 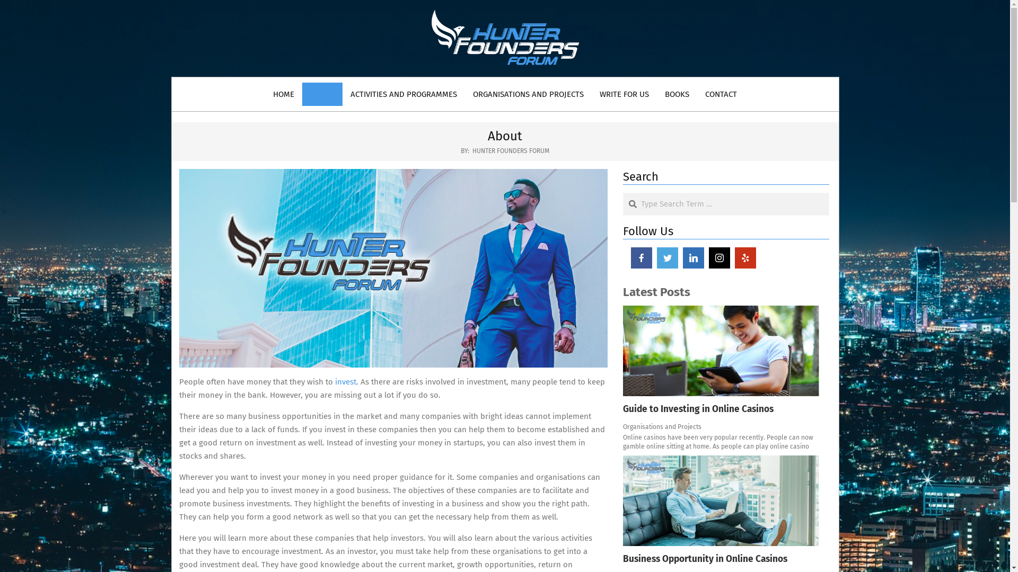 What do you see at coordinates (745, 257) in the screenshot?
I see `'yelp'` at bounding box center [745, 257].